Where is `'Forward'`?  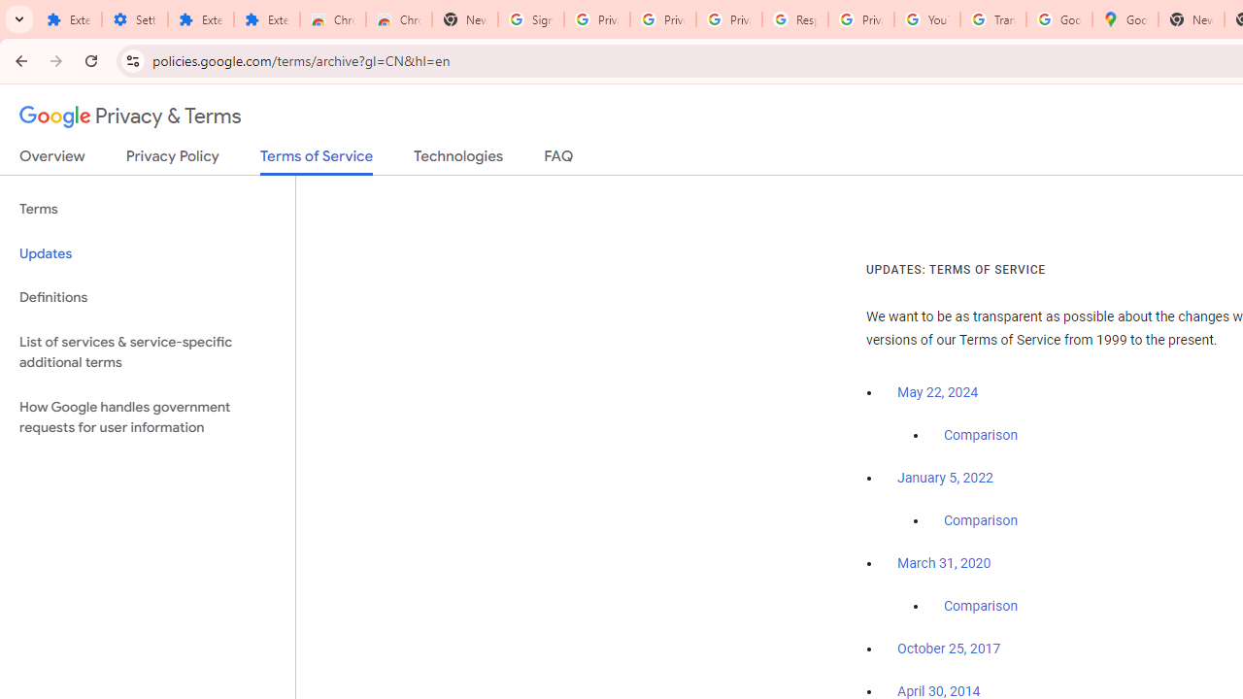 'Forward' is located at coordinates (56, 59).